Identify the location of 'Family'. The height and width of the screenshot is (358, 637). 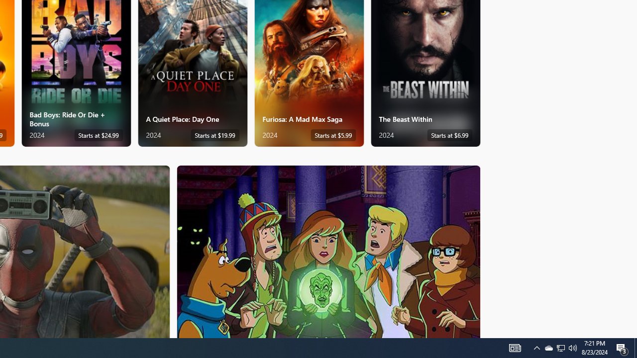
(328, 251).